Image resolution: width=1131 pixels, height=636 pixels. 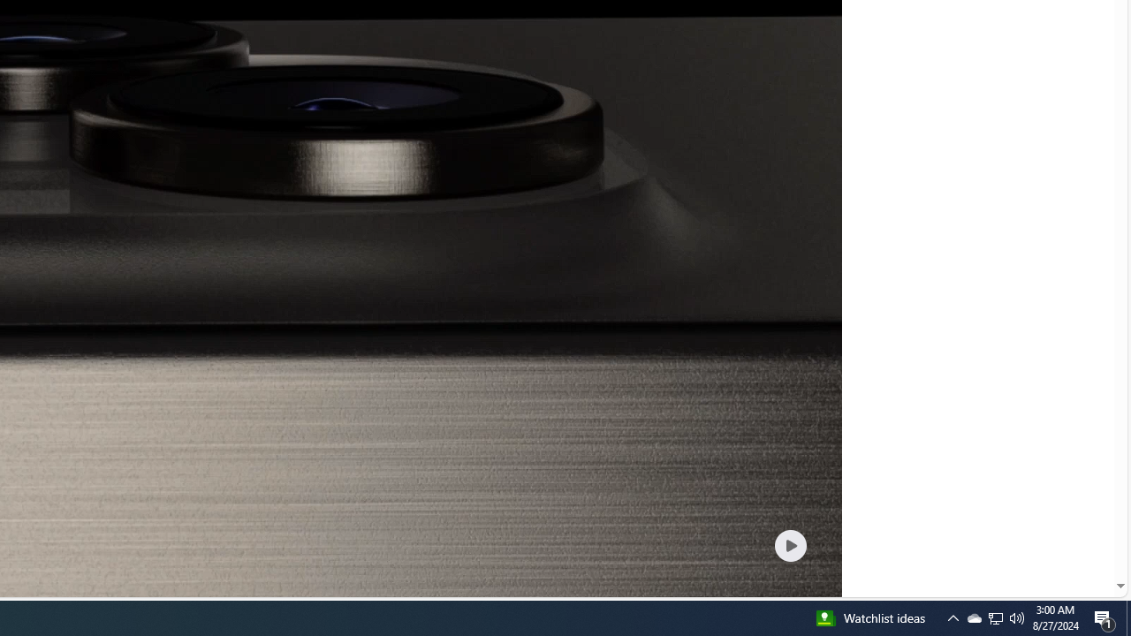 I want to click on 'Class: control-centered-small-icon', so click(x=789, y=544).